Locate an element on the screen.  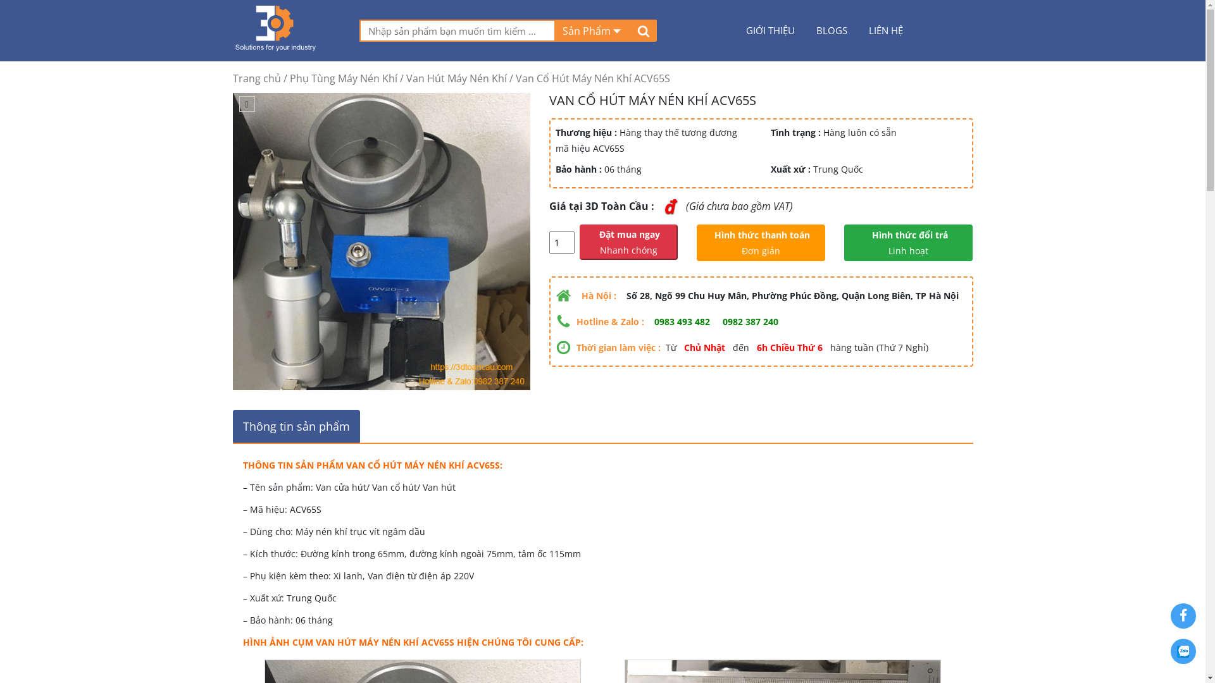
'0983 493 482' is located at coordinates (682, 321).